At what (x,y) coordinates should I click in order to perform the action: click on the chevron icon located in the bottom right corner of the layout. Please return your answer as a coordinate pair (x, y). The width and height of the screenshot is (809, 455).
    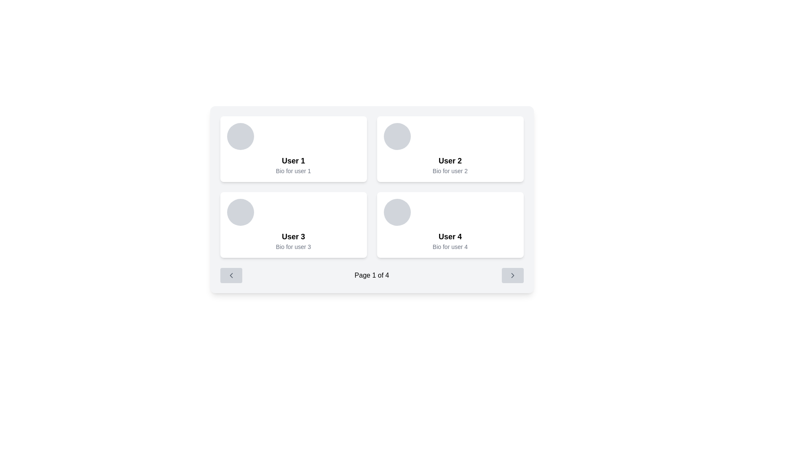
    Looking at the image, I should click on (512, 276).